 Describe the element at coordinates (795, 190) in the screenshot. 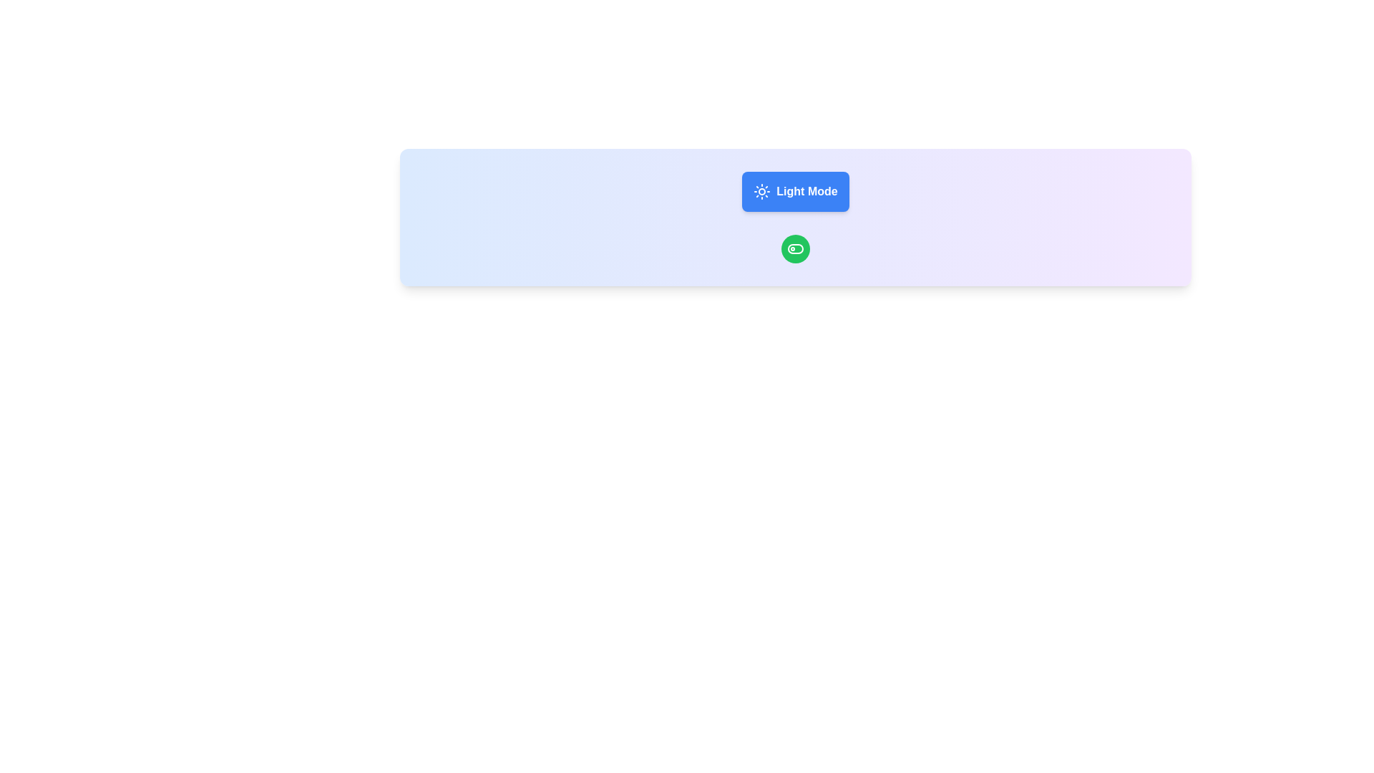

I see `the light mode toggle button for accessibility by moving the cursor to its center` at that location.